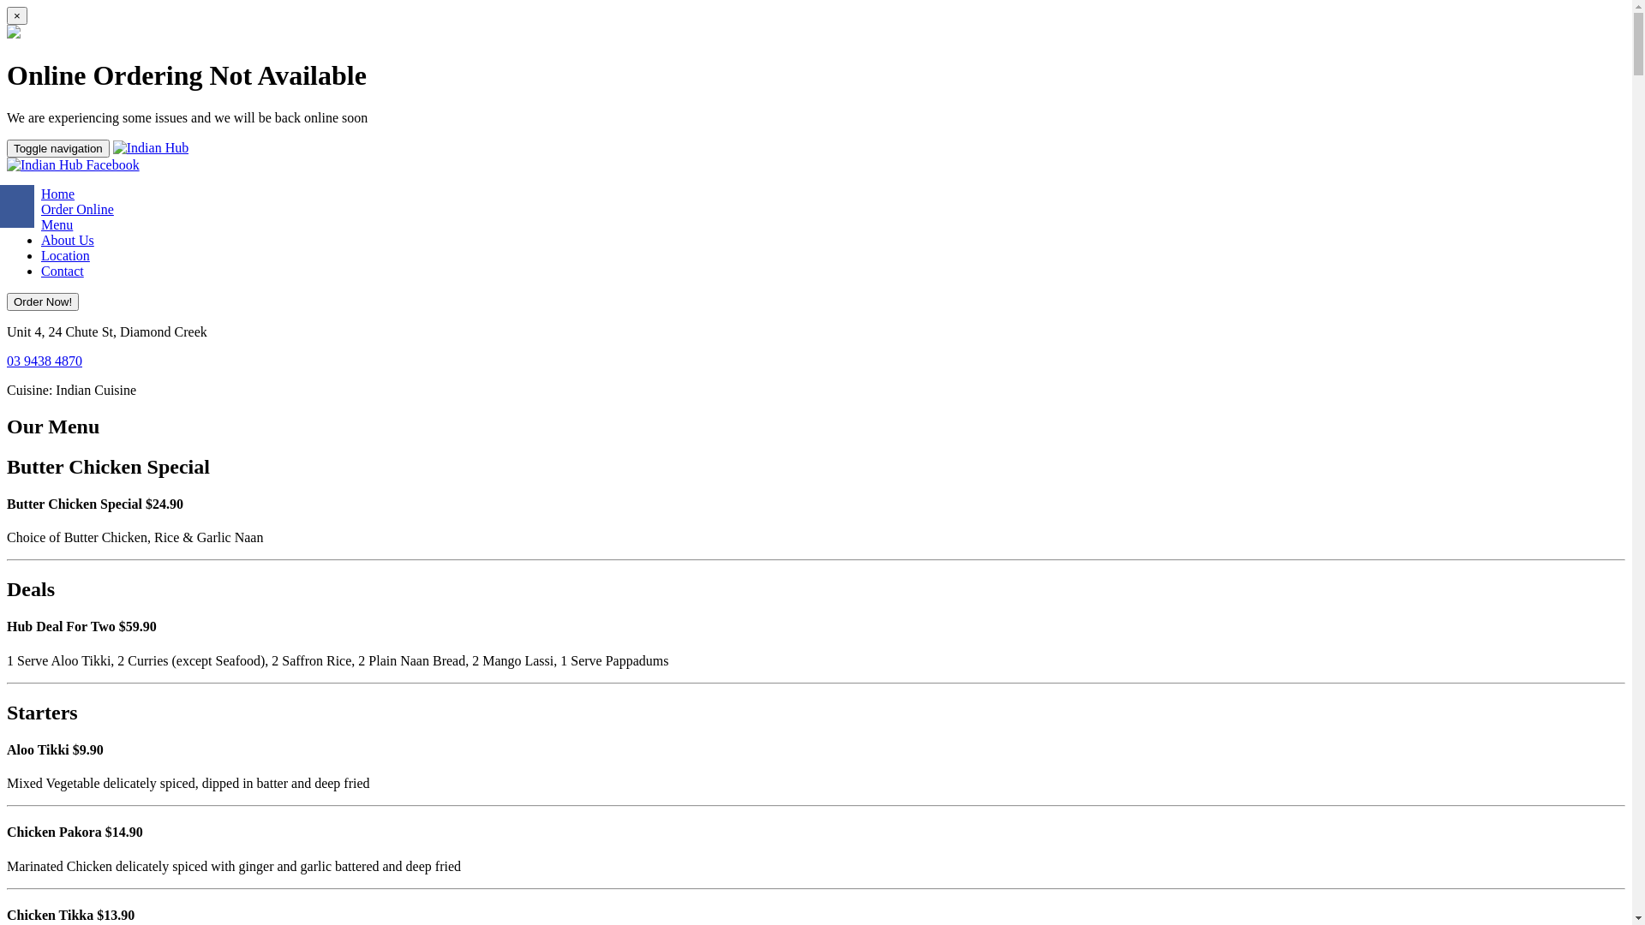 Image resolution: width=1645 pixels, height=925 pixels. Describe the element at coordinates (41, 224) in the screenshot. I see `'Menu'` at that location.